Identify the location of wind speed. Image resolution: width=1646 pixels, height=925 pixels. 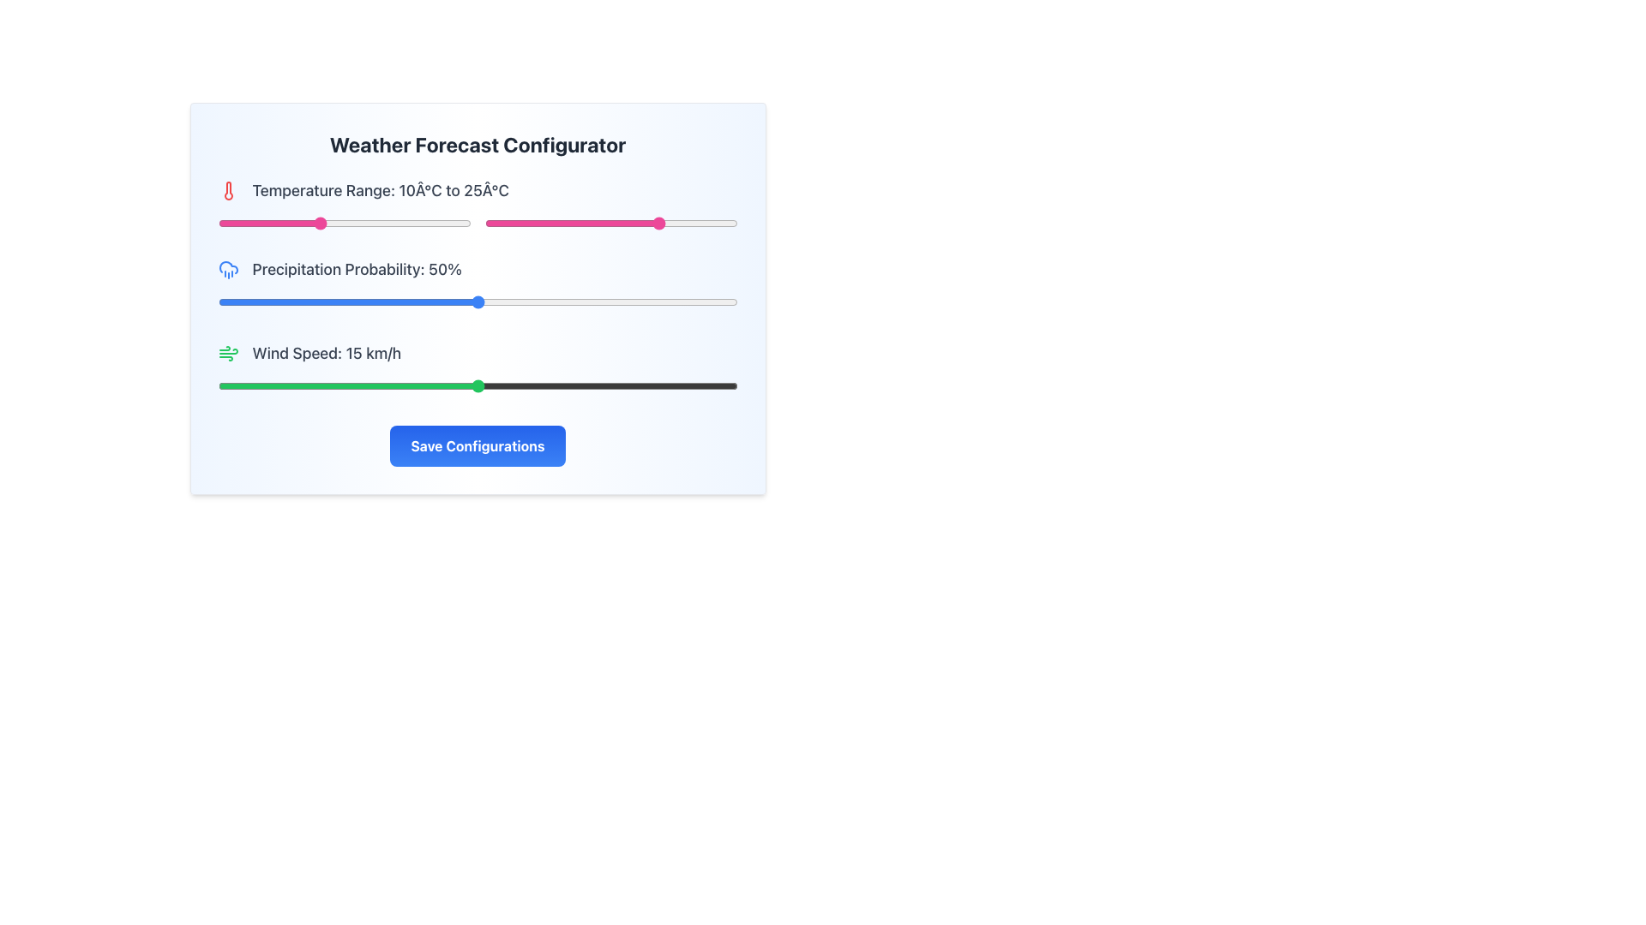
(633, 386).